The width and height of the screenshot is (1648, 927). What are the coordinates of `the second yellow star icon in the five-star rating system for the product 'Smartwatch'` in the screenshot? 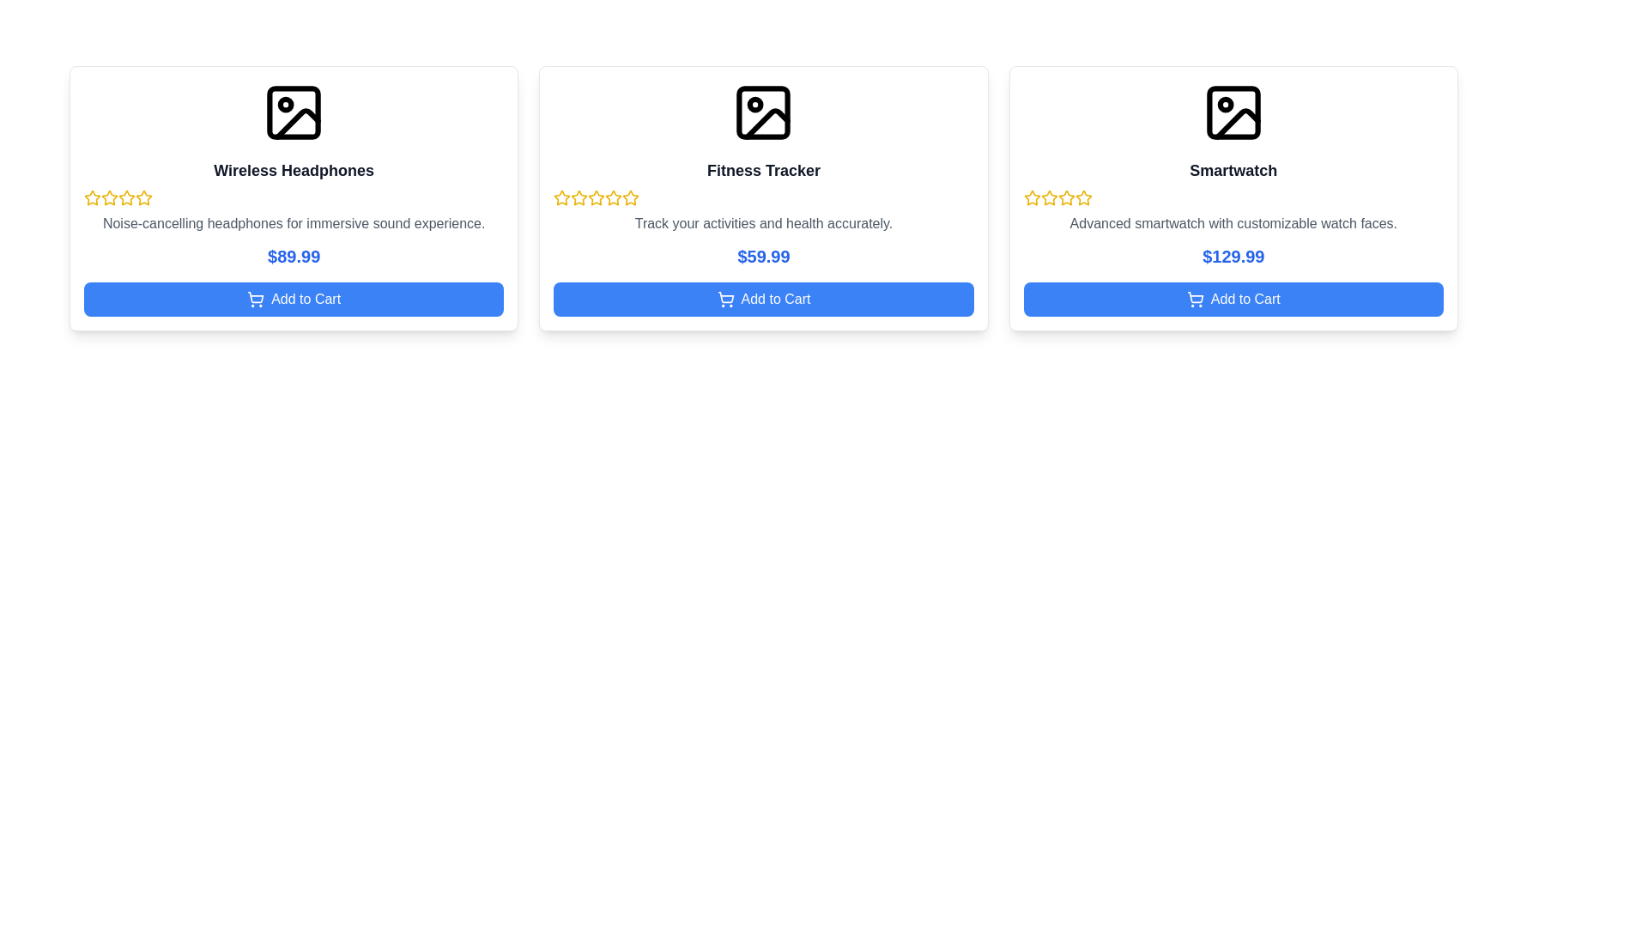 It's located at (1031, 197).